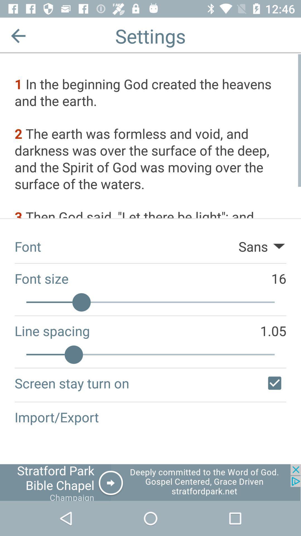  Describe the element at coordinates (274, 383) in the screenshot. I see `screen stay turn on/off` at that location.